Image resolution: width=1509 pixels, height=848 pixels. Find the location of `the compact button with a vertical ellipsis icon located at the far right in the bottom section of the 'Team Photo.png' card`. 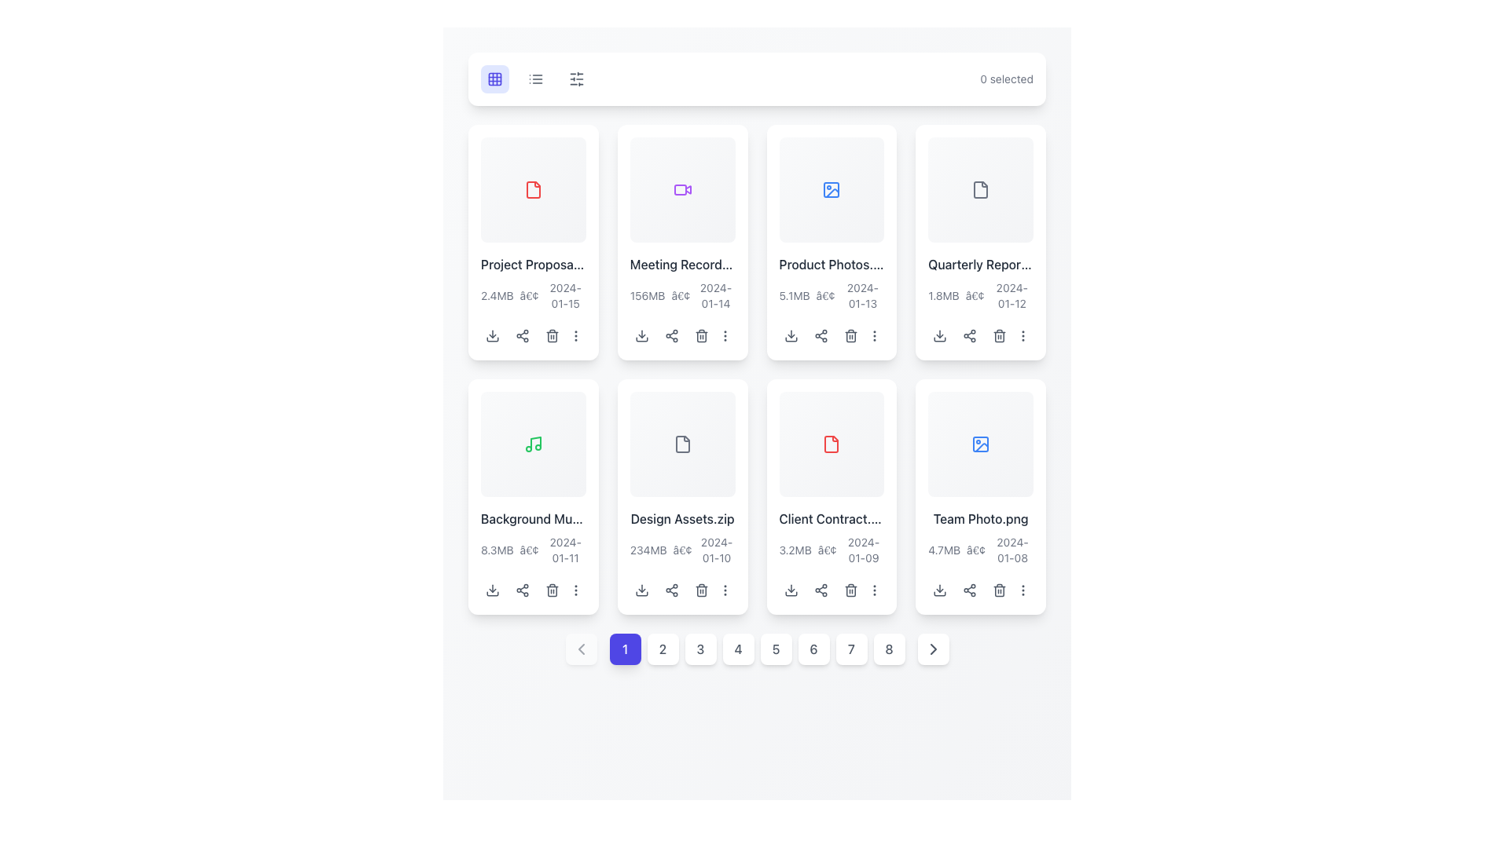

the compact button with a vertical ellipsis icon located at the far right in the bottom section of the 'Team Photo.png' card is located at coordinates (1023, 590).